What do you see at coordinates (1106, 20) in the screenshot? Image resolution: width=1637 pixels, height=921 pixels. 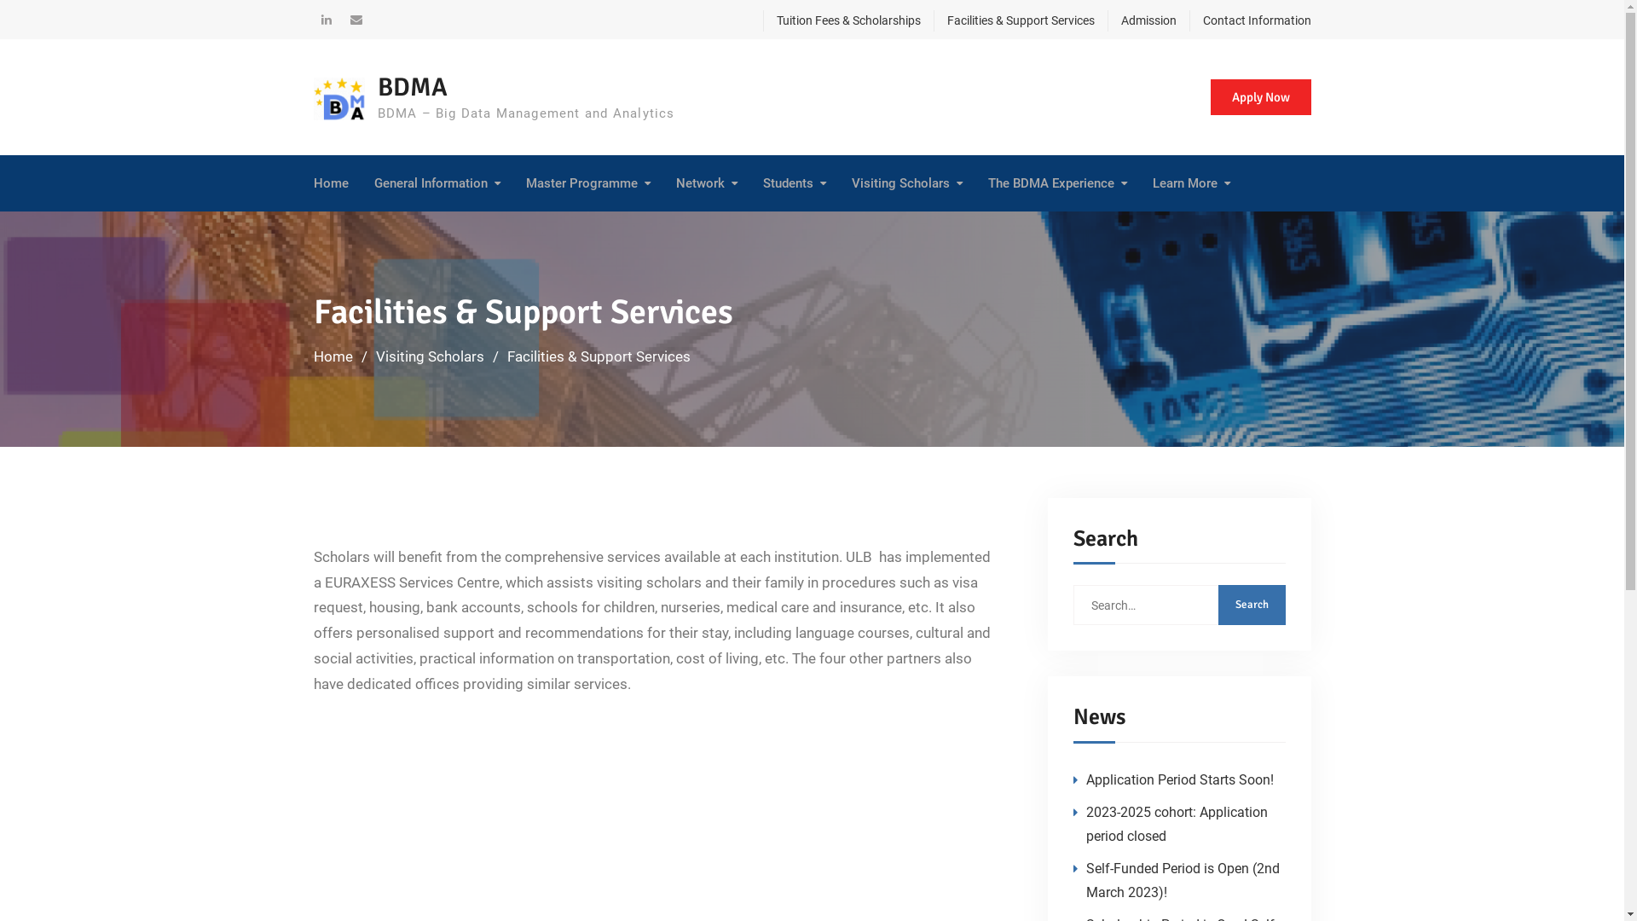 I see `'Admission'` at bounding box center [1106, 20].